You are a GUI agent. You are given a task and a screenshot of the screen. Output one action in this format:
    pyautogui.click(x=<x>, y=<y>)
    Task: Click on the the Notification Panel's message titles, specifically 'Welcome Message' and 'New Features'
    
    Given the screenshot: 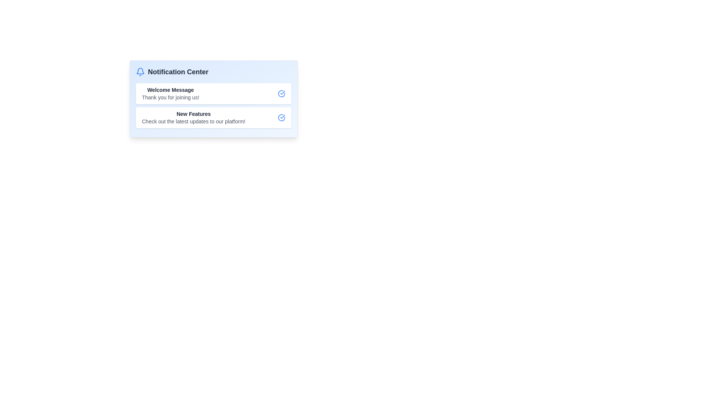 What is the action you would take?
    pyautogui.click(x=213, y=98)
    